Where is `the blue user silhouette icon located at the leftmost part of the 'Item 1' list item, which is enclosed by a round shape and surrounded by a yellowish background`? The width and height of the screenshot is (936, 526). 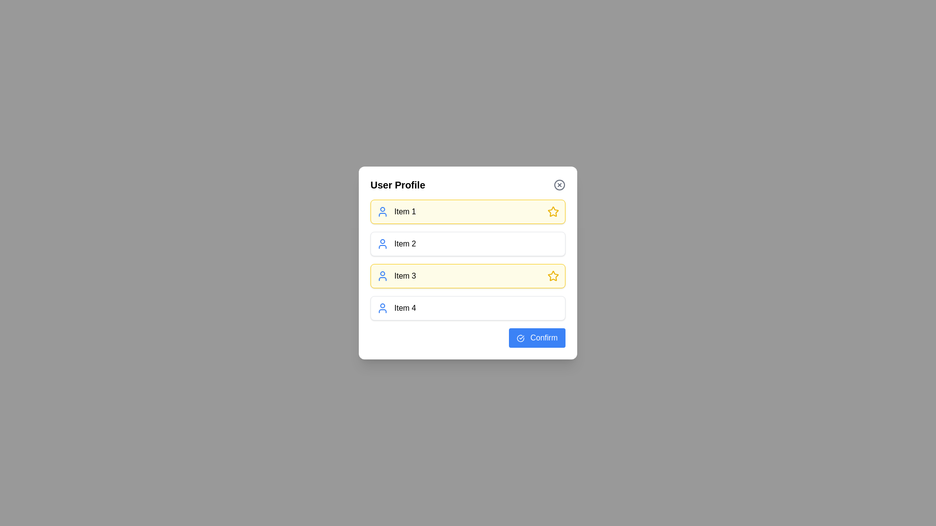
the blue user silhouette icon located at the leftmost part of the 'Item 1' list item, which is enclosed by a round shape and surrounded by a yellowish background is located at coordinates (382, 211).